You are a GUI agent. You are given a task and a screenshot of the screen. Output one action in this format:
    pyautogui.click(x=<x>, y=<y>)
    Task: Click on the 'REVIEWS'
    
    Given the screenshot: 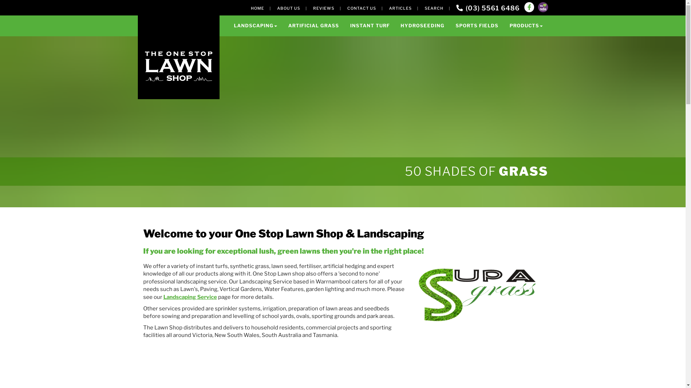 What is the action you would take?
    pyautogui.click(x=323, y=8)
    